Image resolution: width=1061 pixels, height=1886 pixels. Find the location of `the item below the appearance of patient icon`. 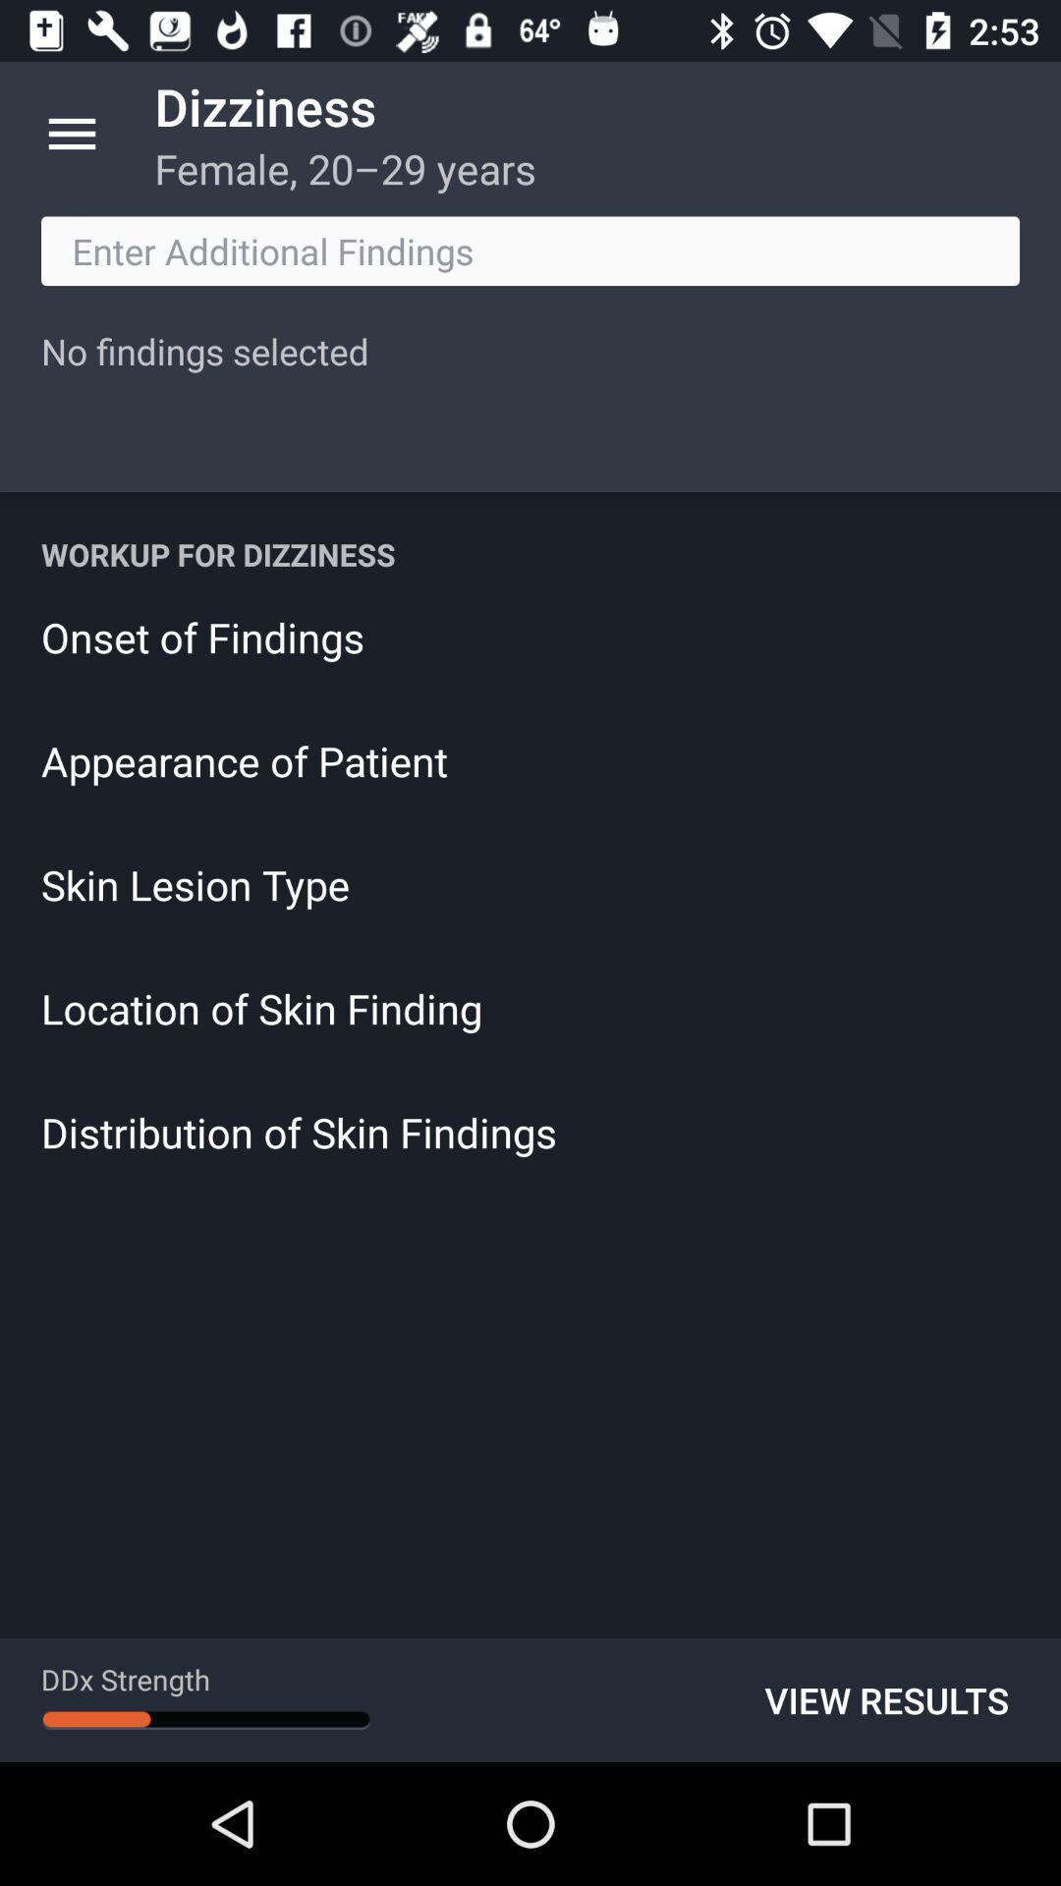

the item below the appearance of patient icon is located at coordinates (530, 883).